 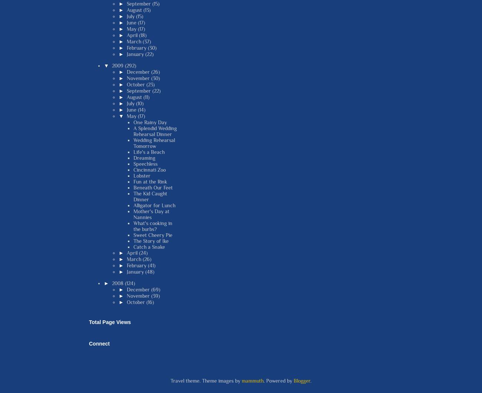 What do you see at coordinates (150, 301) in the screenshot?
I see `'(16)'` at bounding box center [150, 301].